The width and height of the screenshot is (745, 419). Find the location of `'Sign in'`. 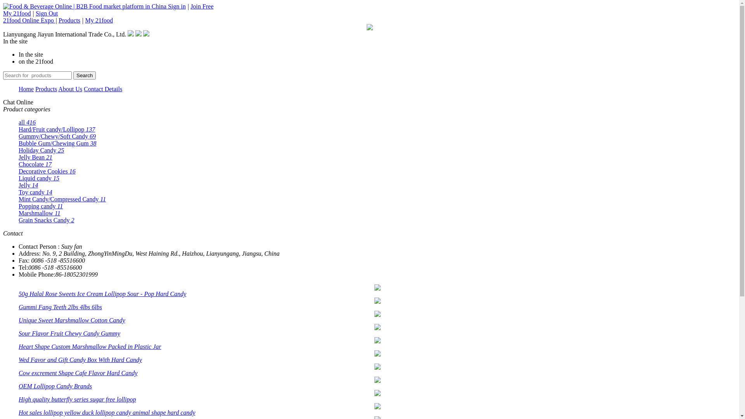

'Sign in' is located at coordinates (177, 6).